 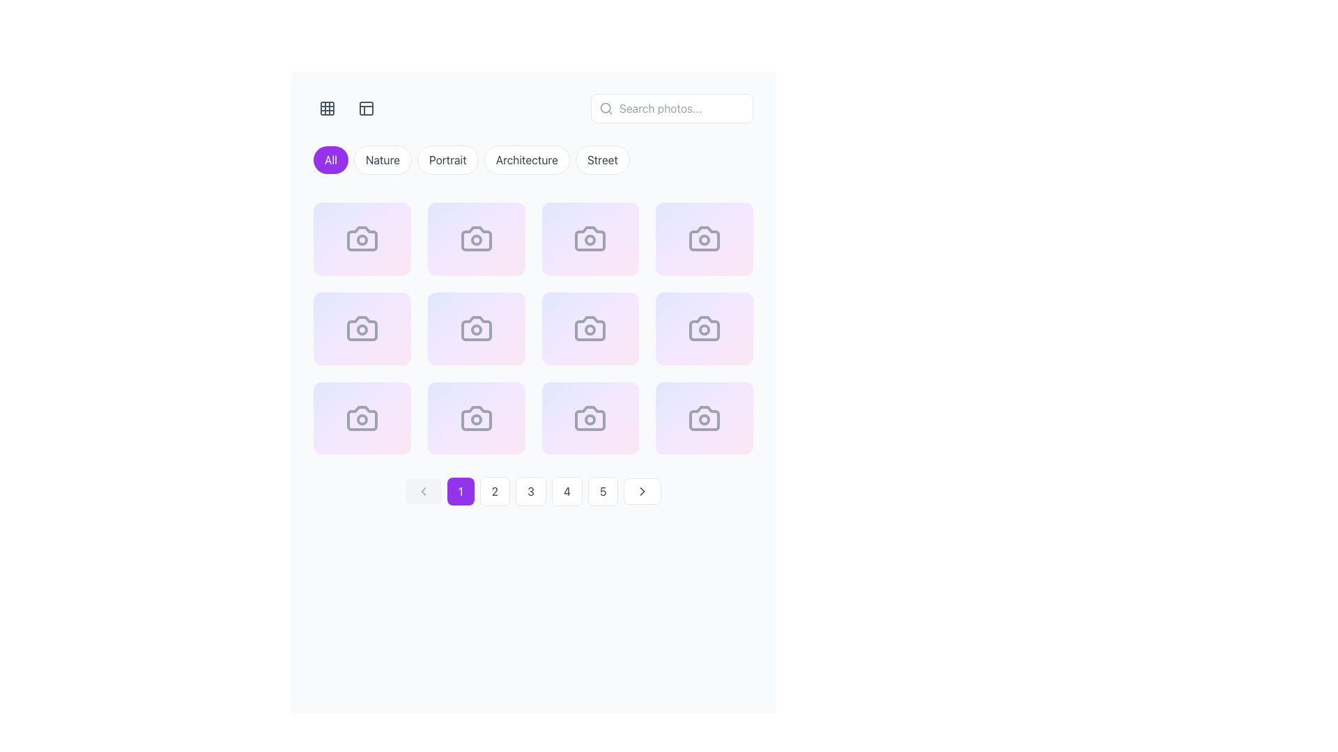 I want to click on the circular button located at the bottom of the 'Photograph #11' card, so click(x=590, y=431).